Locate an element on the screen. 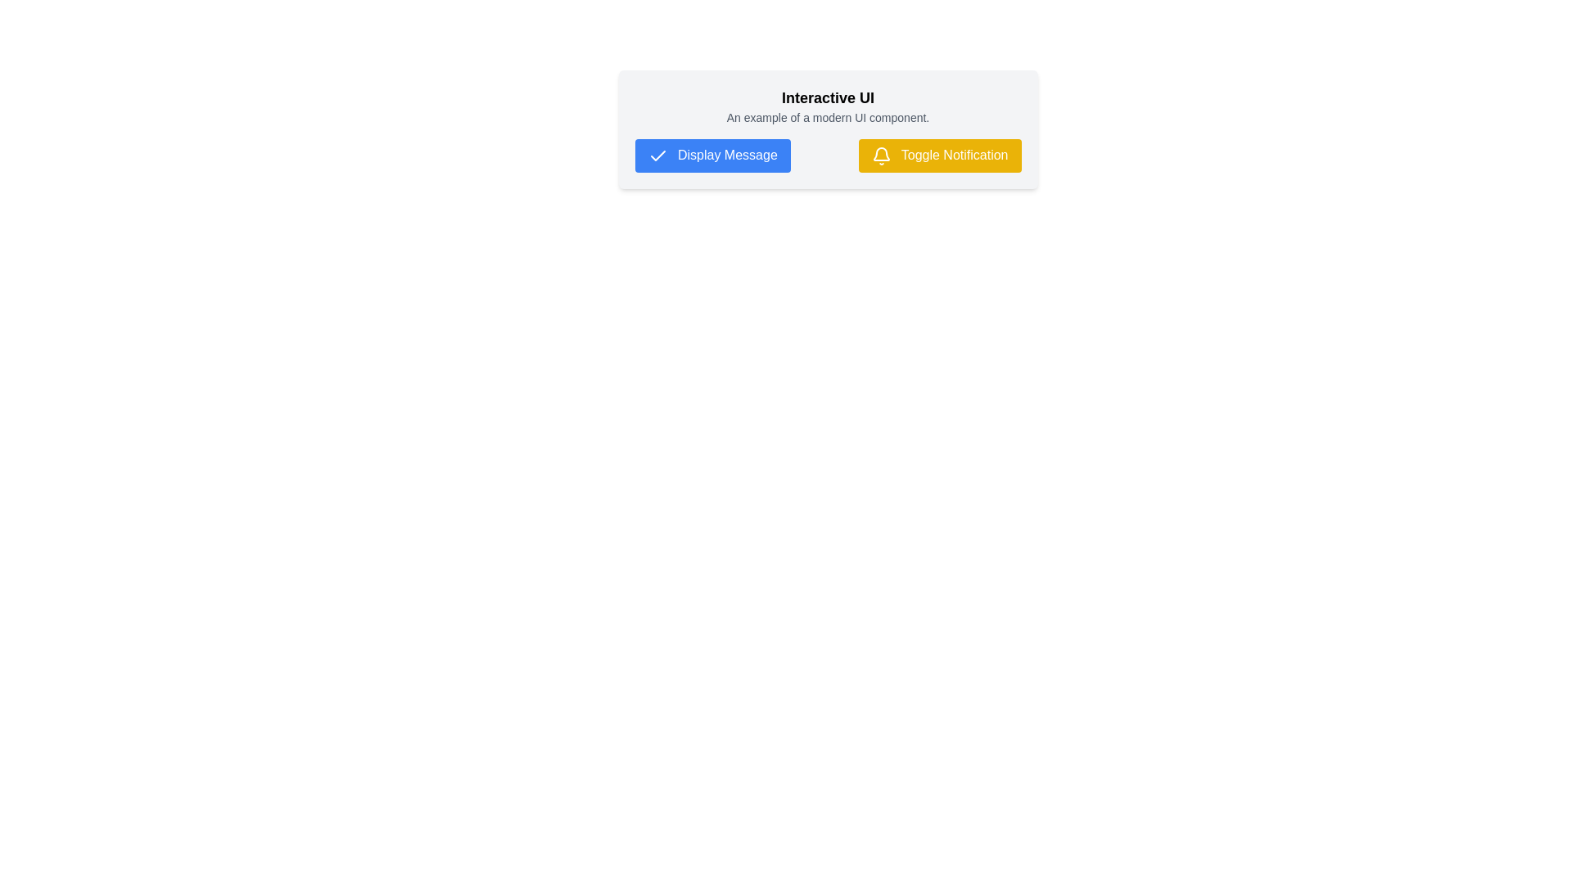 This screenshot has height=884, width=1572. the text label displaying 'Interactive UI' which is prominently positioned in a light gray rectangular card is located at coordinates (828, 97).